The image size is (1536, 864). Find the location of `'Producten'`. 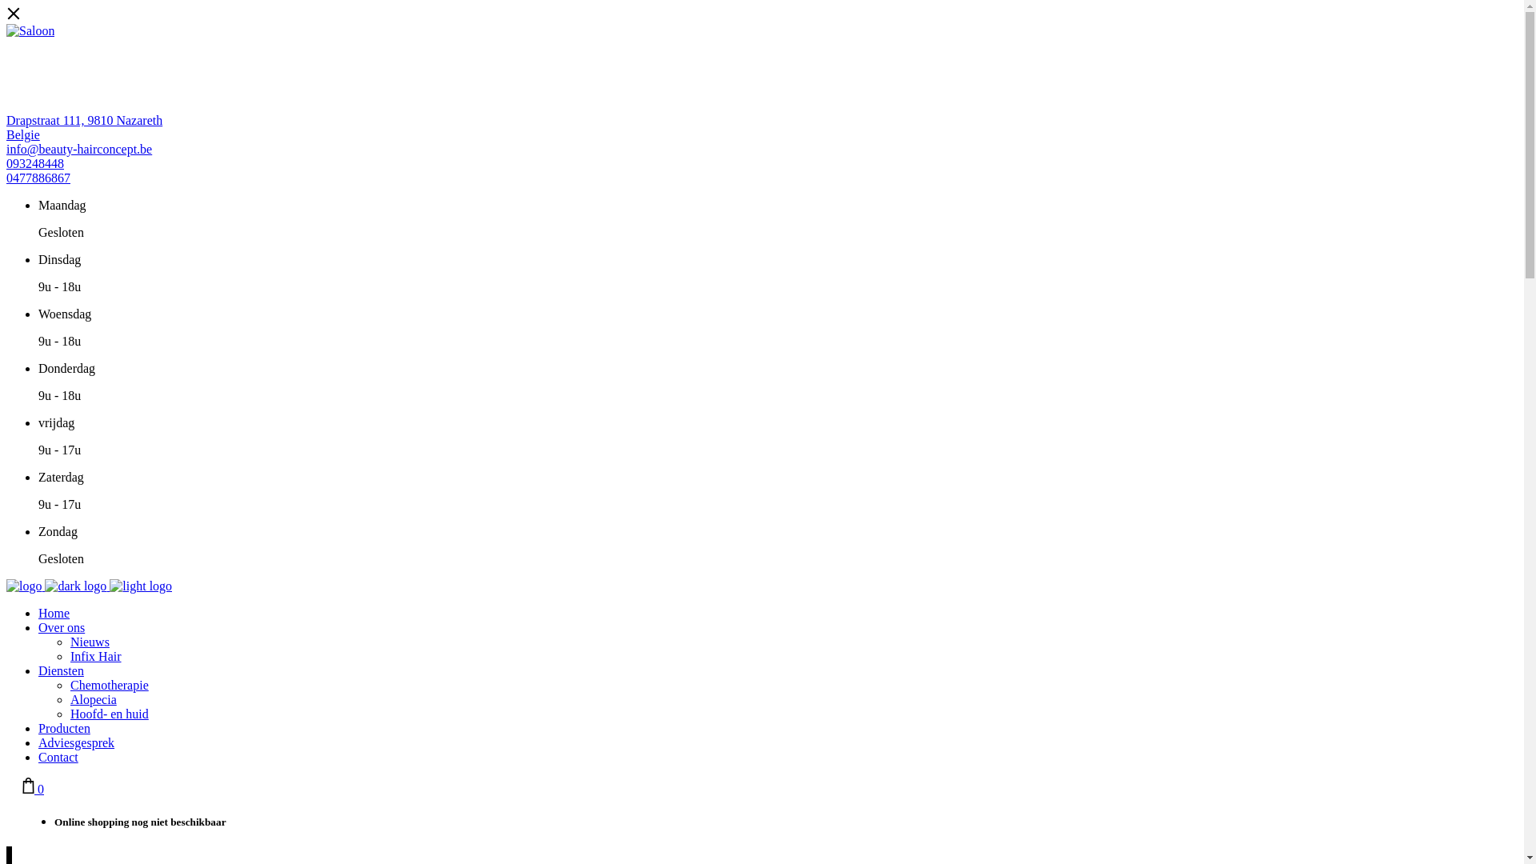

'Producten' is located at coordinates (64, 728).